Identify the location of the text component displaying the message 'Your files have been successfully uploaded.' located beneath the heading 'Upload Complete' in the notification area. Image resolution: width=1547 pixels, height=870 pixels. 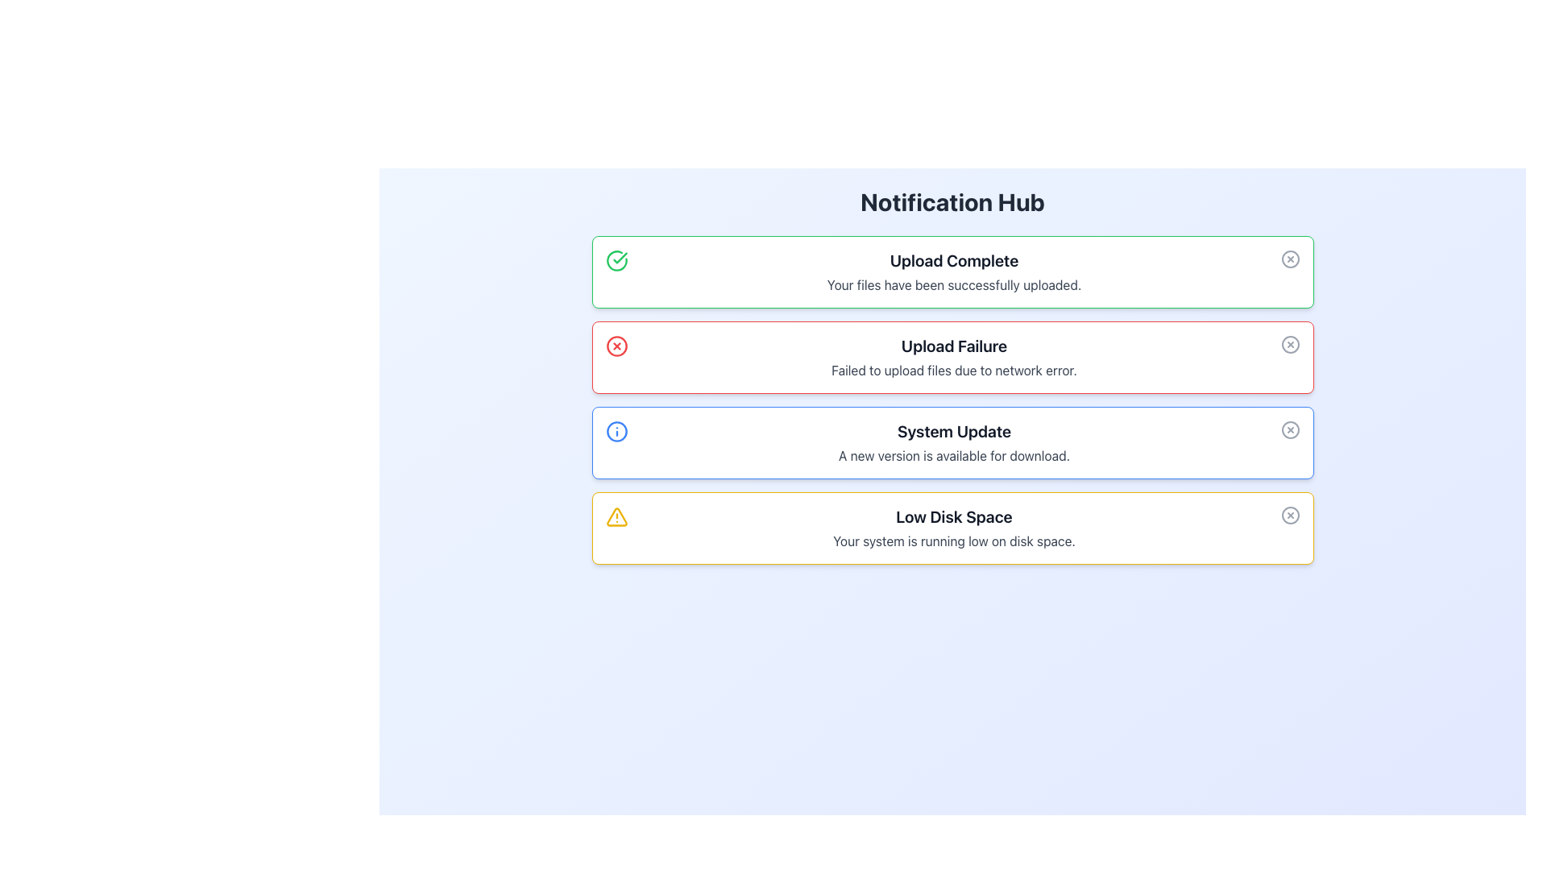
(954, 284).